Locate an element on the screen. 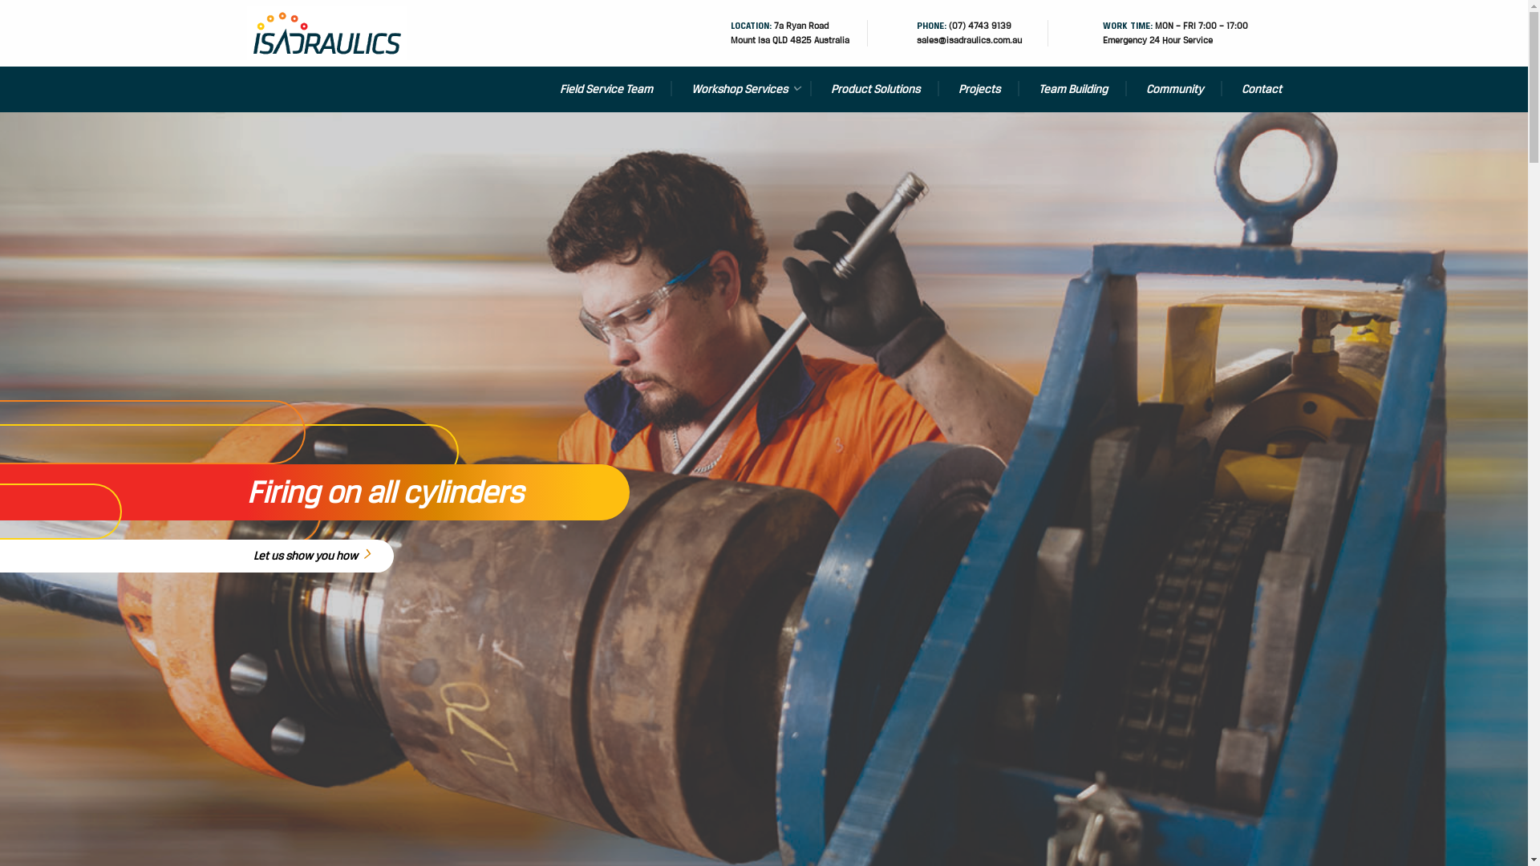 The width and height of the screenshot is (1540, 866). 'Team Building' is located at coordinates (1072, 89).